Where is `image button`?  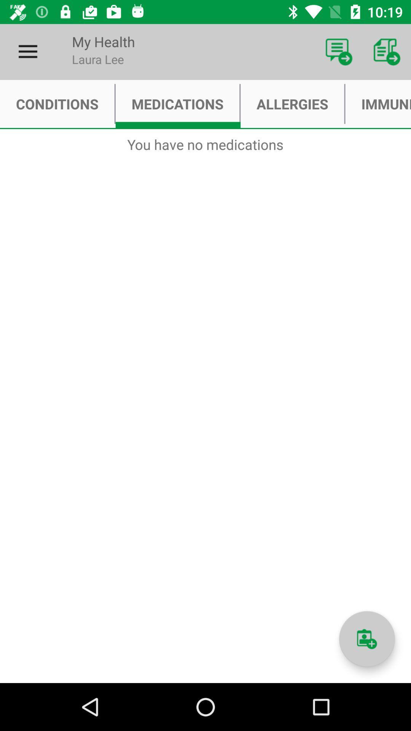 image button is located at coordinates (366, 639).